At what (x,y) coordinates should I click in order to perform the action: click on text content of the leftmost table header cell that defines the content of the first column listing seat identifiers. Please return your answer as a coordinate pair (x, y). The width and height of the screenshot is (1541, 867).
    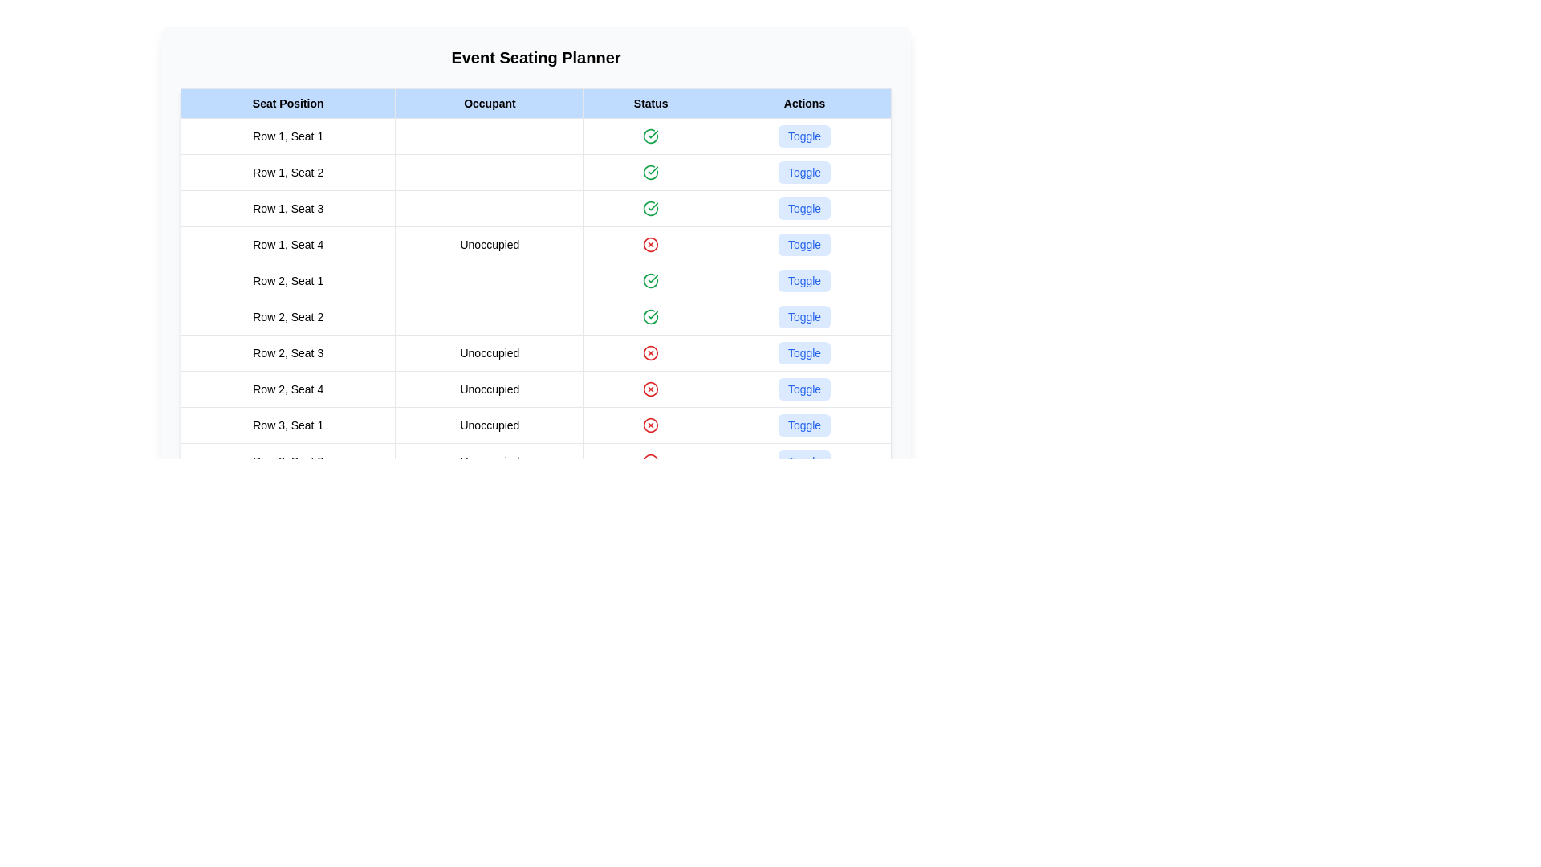
    Looking at the image, I should click on (288, 103).